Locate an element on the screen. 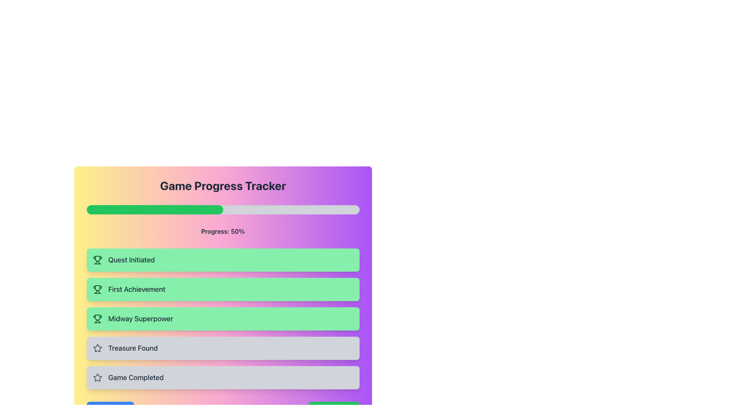 This screenshot has width=744, height=418. the 'Game Completed' text label, which is styled with a medium gray font on a light gray rounded rectangle box, located at the bottom of a vertical list and accompanied by a star icon to its left is located at coordinates (136, 377).